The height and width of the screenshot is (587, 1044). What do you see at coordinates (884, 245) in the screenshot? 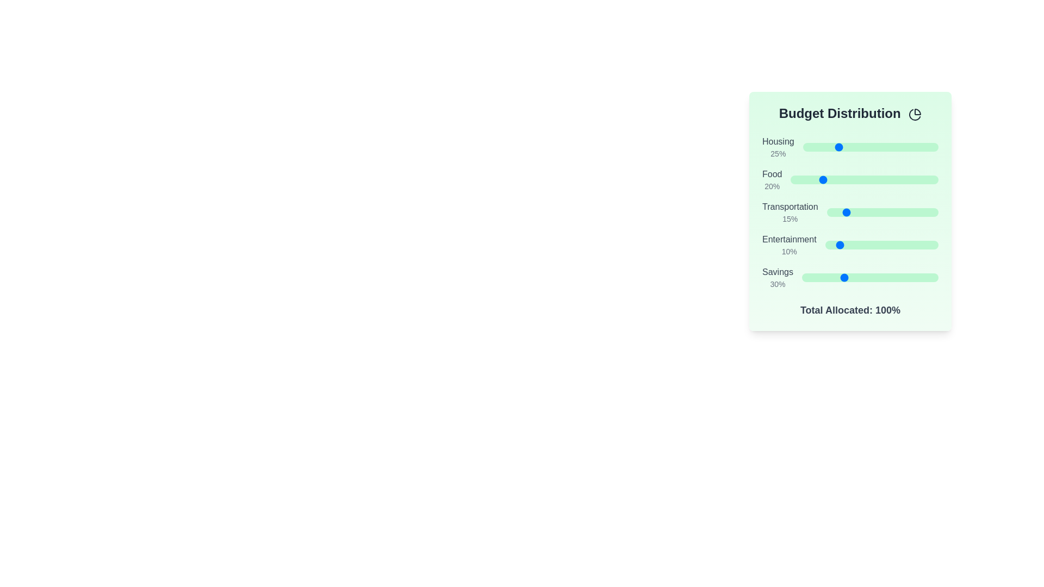
I see `the slider for 'Entertainment' to set its percentage to 52` at bounding box center [884, 245].